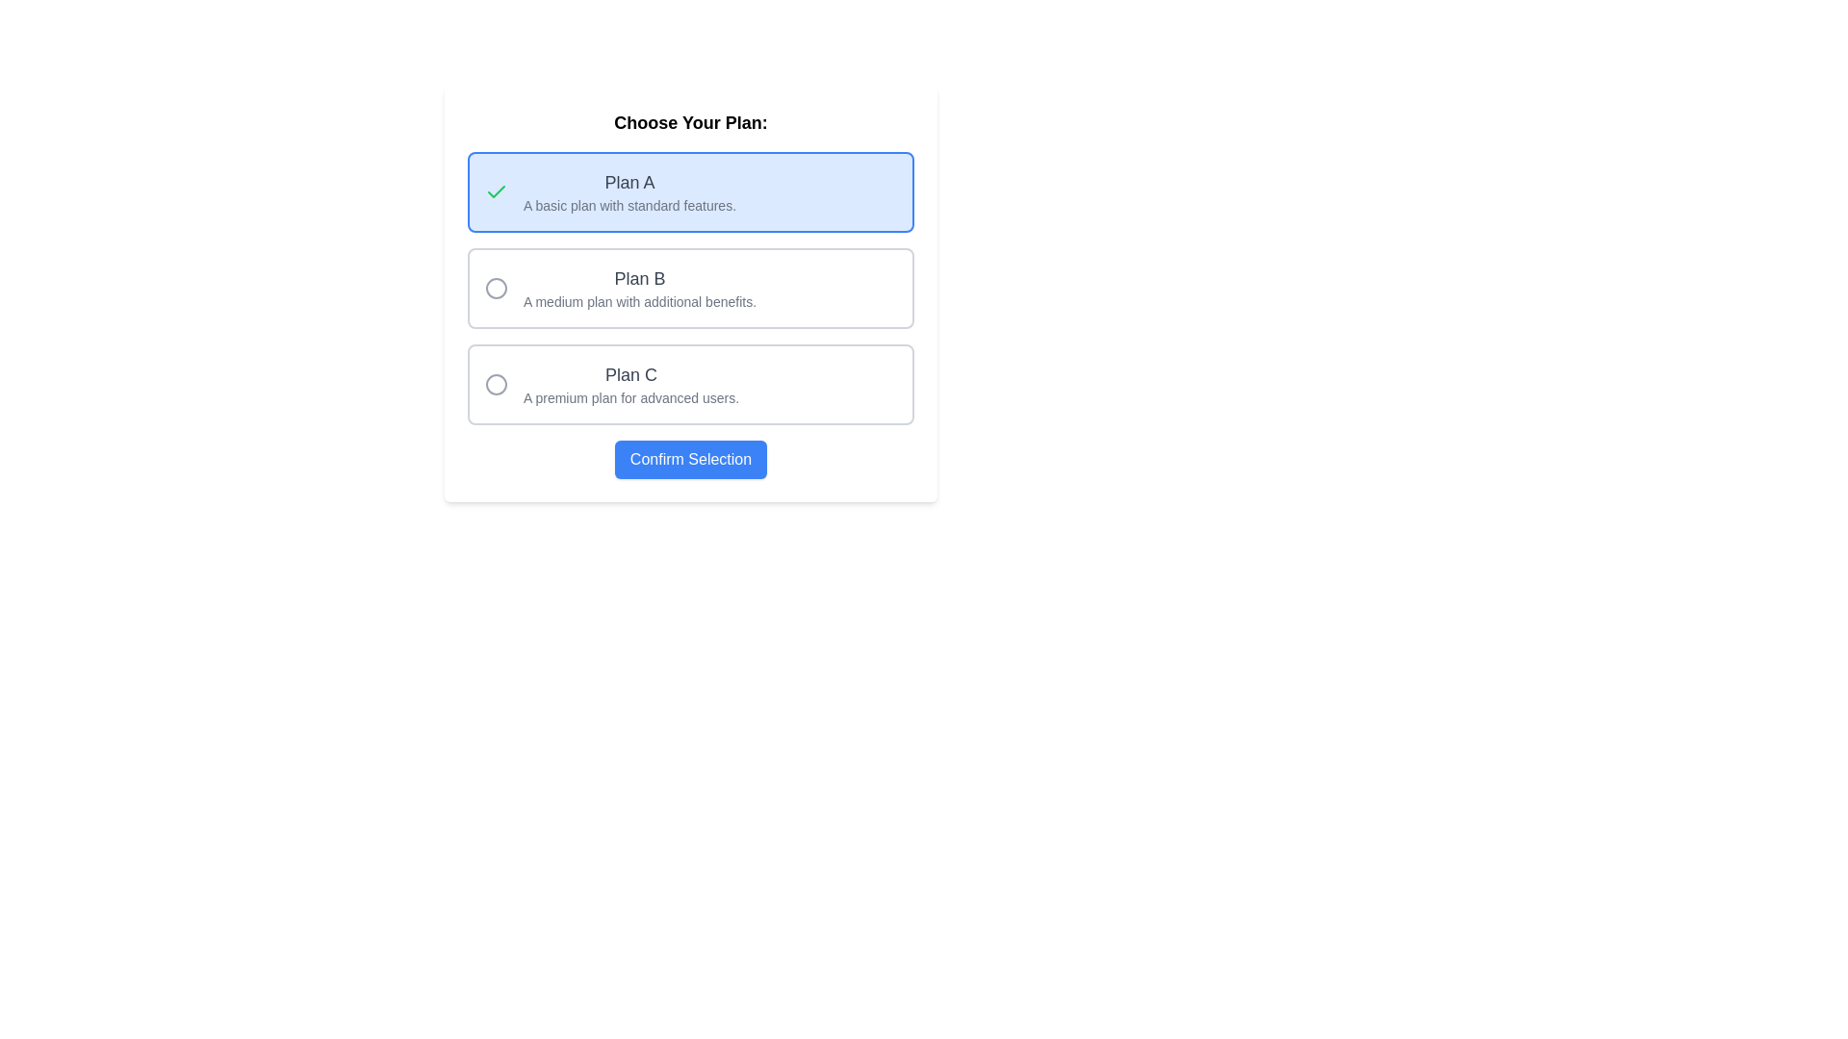 The width and height of the screenshot is (1848, 1039). I want to click on the 'Confirm Selection' button, which is a rectangular button with a blue background and white text, to observe its styling changes, so click(691, 460).